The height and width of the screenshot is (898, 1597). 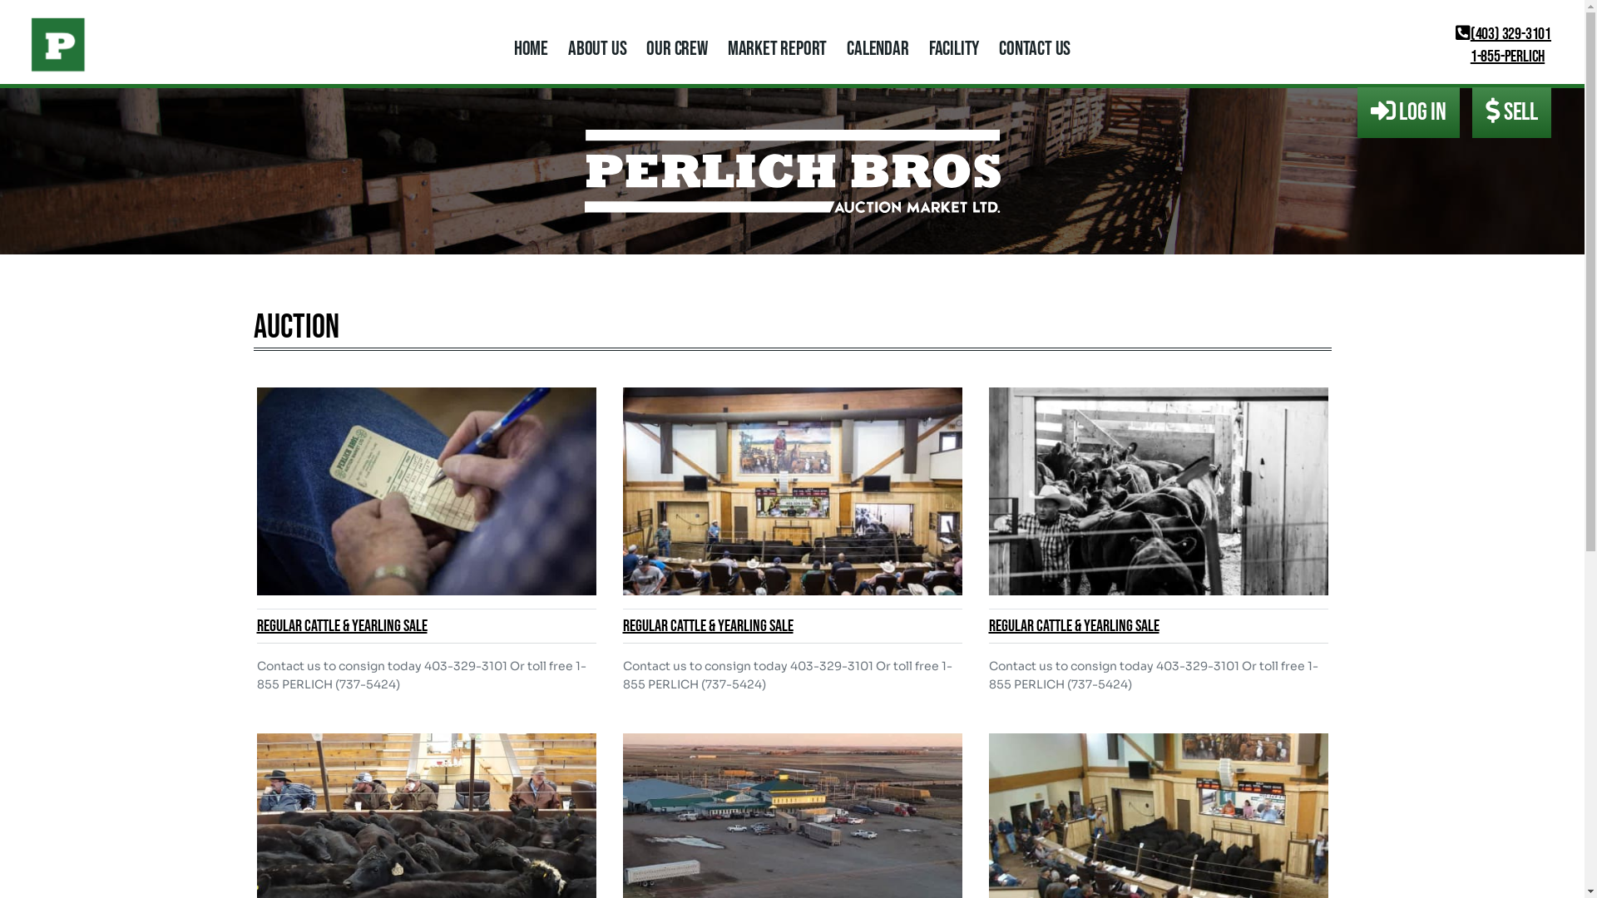 What do you see at coordinates (776, 47) in the screenshot?
I see `'MARKET REPORT'` at bounding box center [776, 47].